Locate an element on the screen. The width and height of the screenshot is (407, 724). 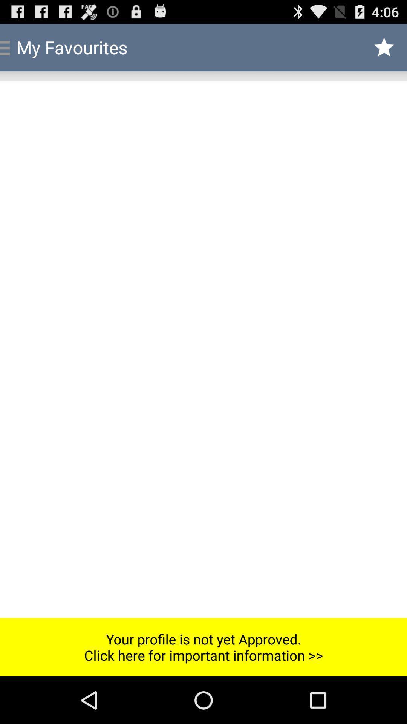
the icon at the top right corner is located at coordinates (384, 47).